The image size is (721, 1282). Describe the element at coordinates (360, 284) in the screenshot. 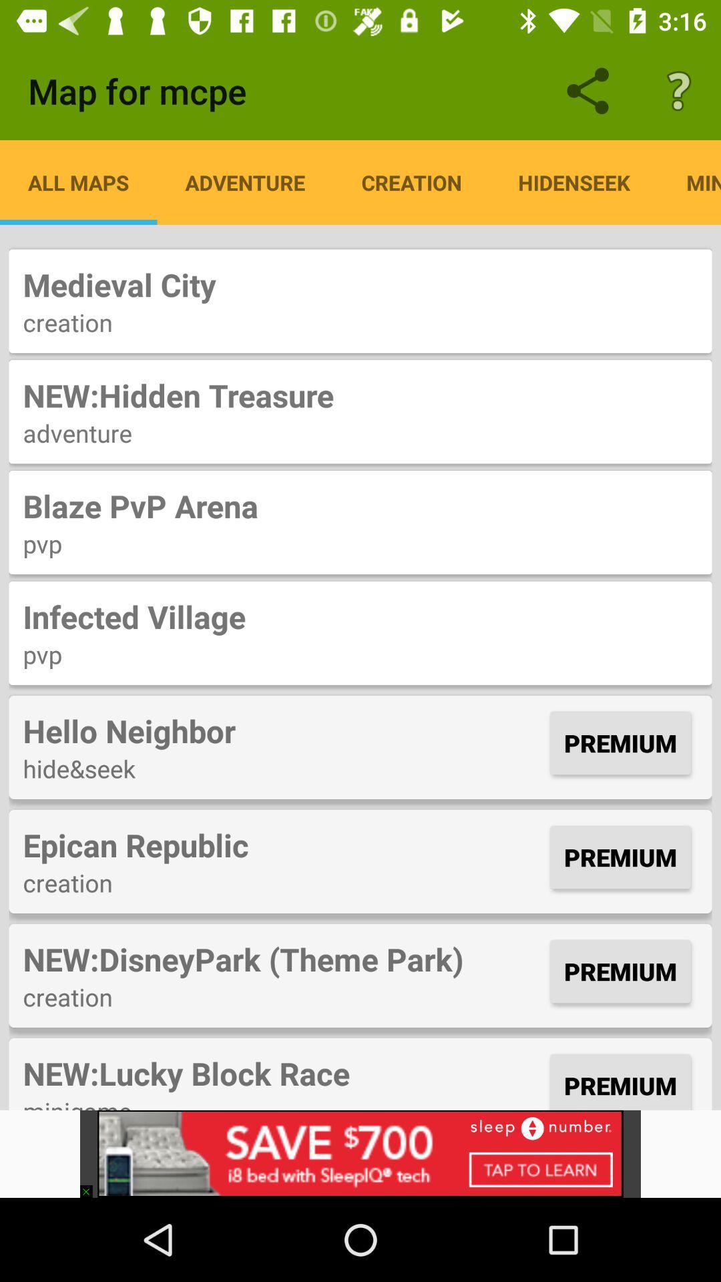

I see `the app below the all maps app` at that location.